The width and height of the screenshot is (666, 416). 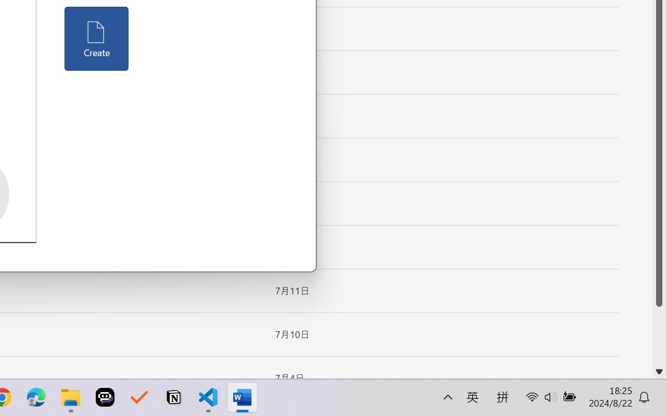 I want to click on 'Create', so click(x=96, y=38).